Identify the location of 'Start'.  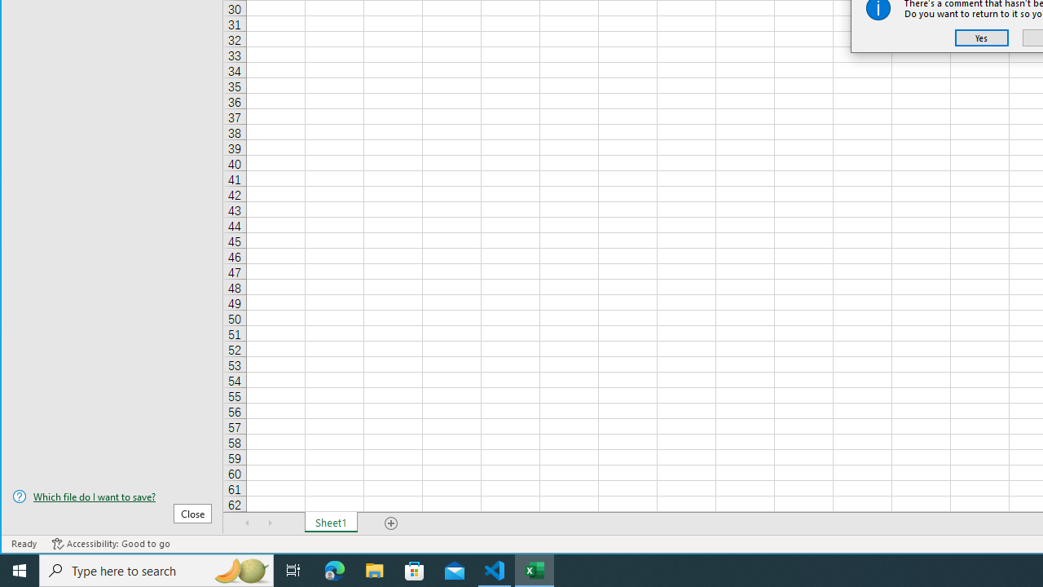
(20, 569).